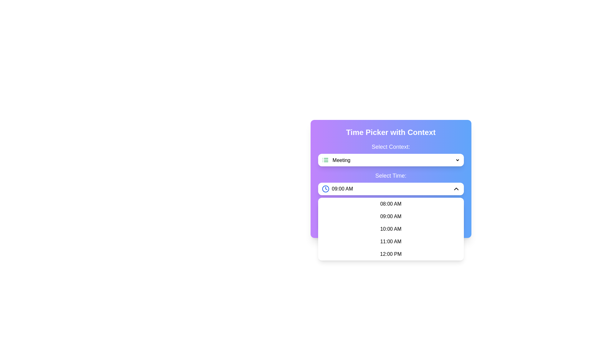 The height and width of the screenshot is (339, 603). Describe the element at coordinates (337, 188) in the screenshot. I see `the adjacent elements next` at that location.